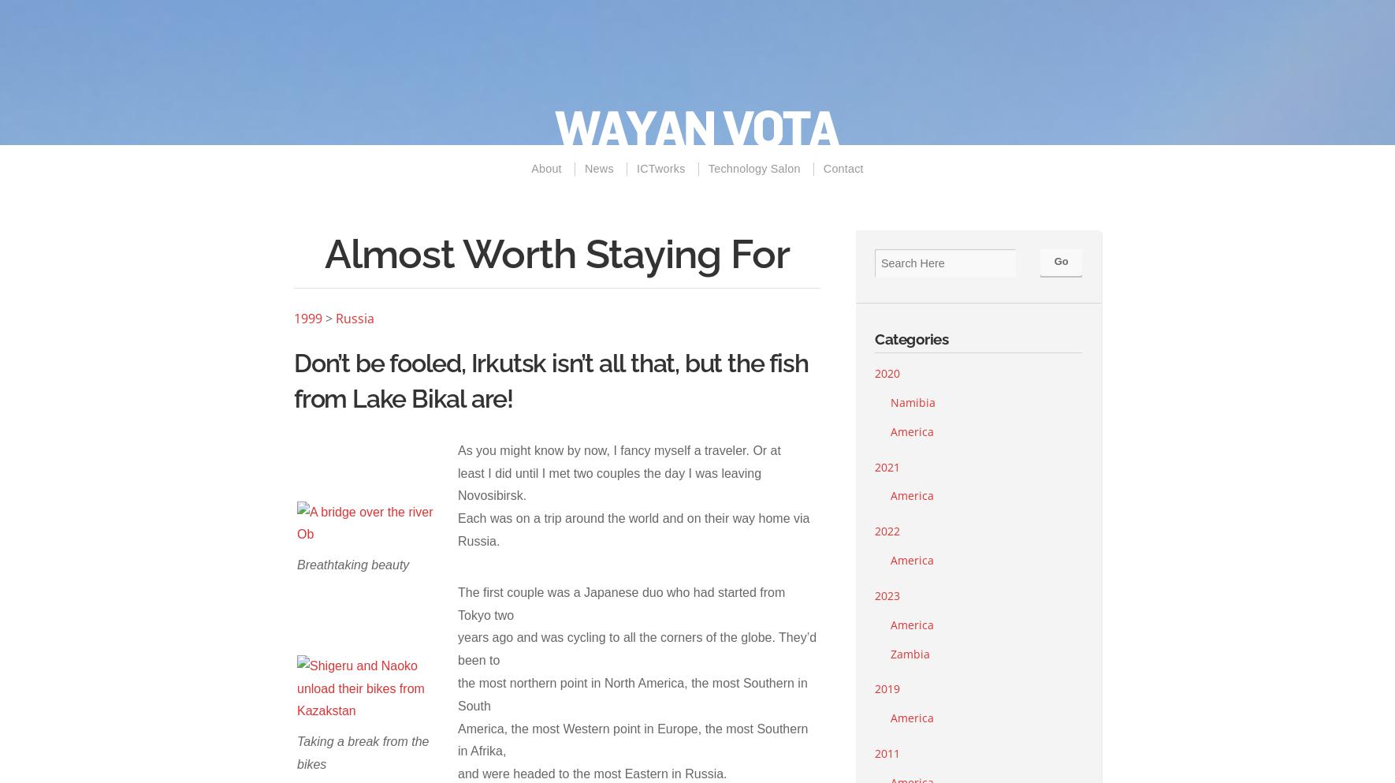 The image size is (1395, 783). Describe the element at coordinates (633, 529) in the screenshot. I see `'Each was on a trip around the world and on their way home via Russia.'` at that location.